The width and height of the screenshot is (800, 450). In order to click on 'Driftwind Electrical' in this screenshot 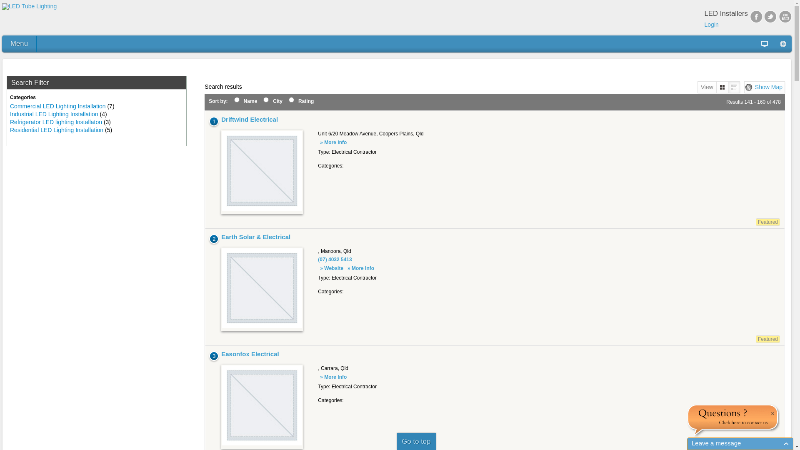, I will do `click(249, 119)`.